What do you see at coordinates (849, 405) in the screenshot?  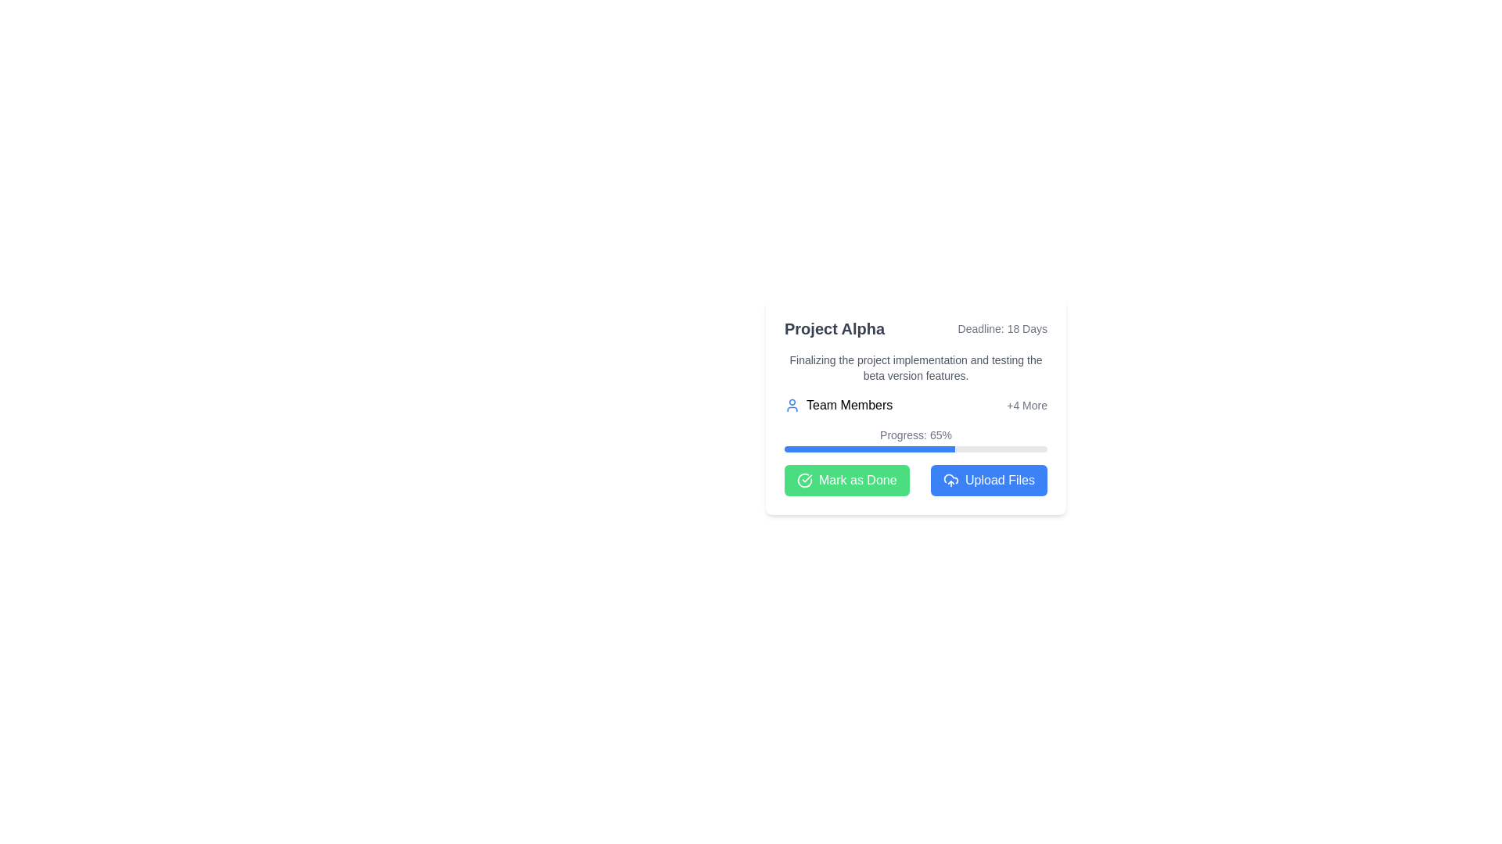 I see `the text element indicating team members associated with 'Project Alpha', located beneath the title and next to the user profile icon` at bounding box center [849, 405].